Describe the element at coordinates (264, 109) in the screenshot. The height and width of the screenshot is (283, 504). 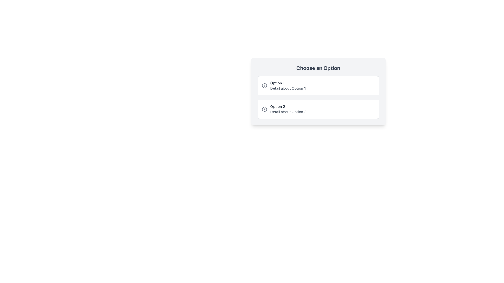
I see `the circular vector graphic element with a border inside the SVG icon labeled 'Option 2'` at that location.